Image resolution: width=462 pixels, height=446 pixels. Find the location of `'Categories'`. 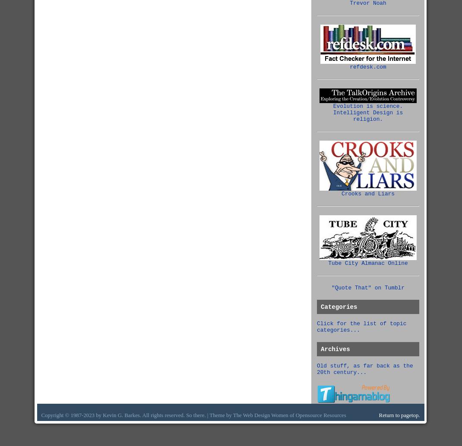

'Categories' is located at coordinates (338, 307).